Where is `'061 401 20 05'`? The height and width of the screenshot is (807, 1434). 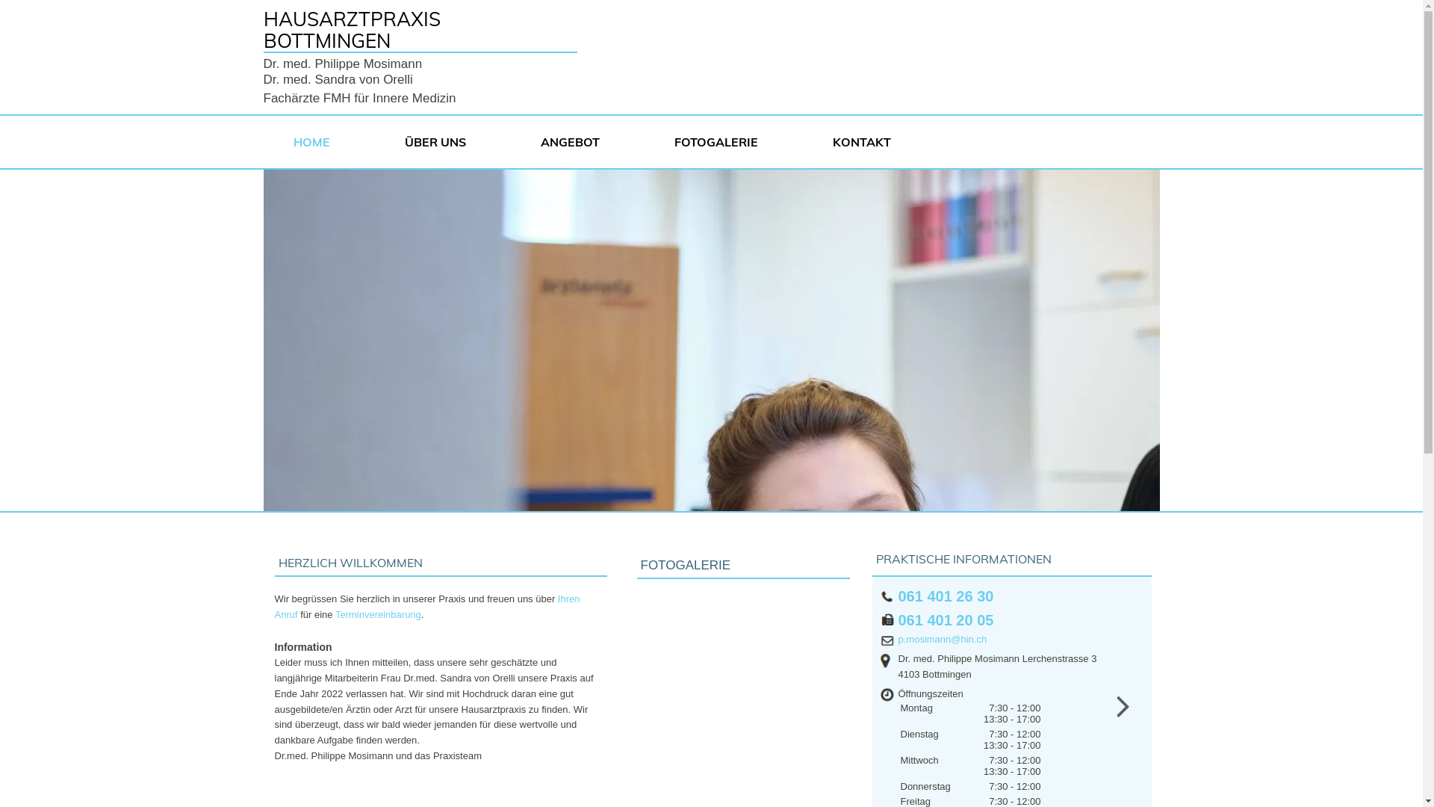
'061 401 20 05' is located at coordinates (945, 619).